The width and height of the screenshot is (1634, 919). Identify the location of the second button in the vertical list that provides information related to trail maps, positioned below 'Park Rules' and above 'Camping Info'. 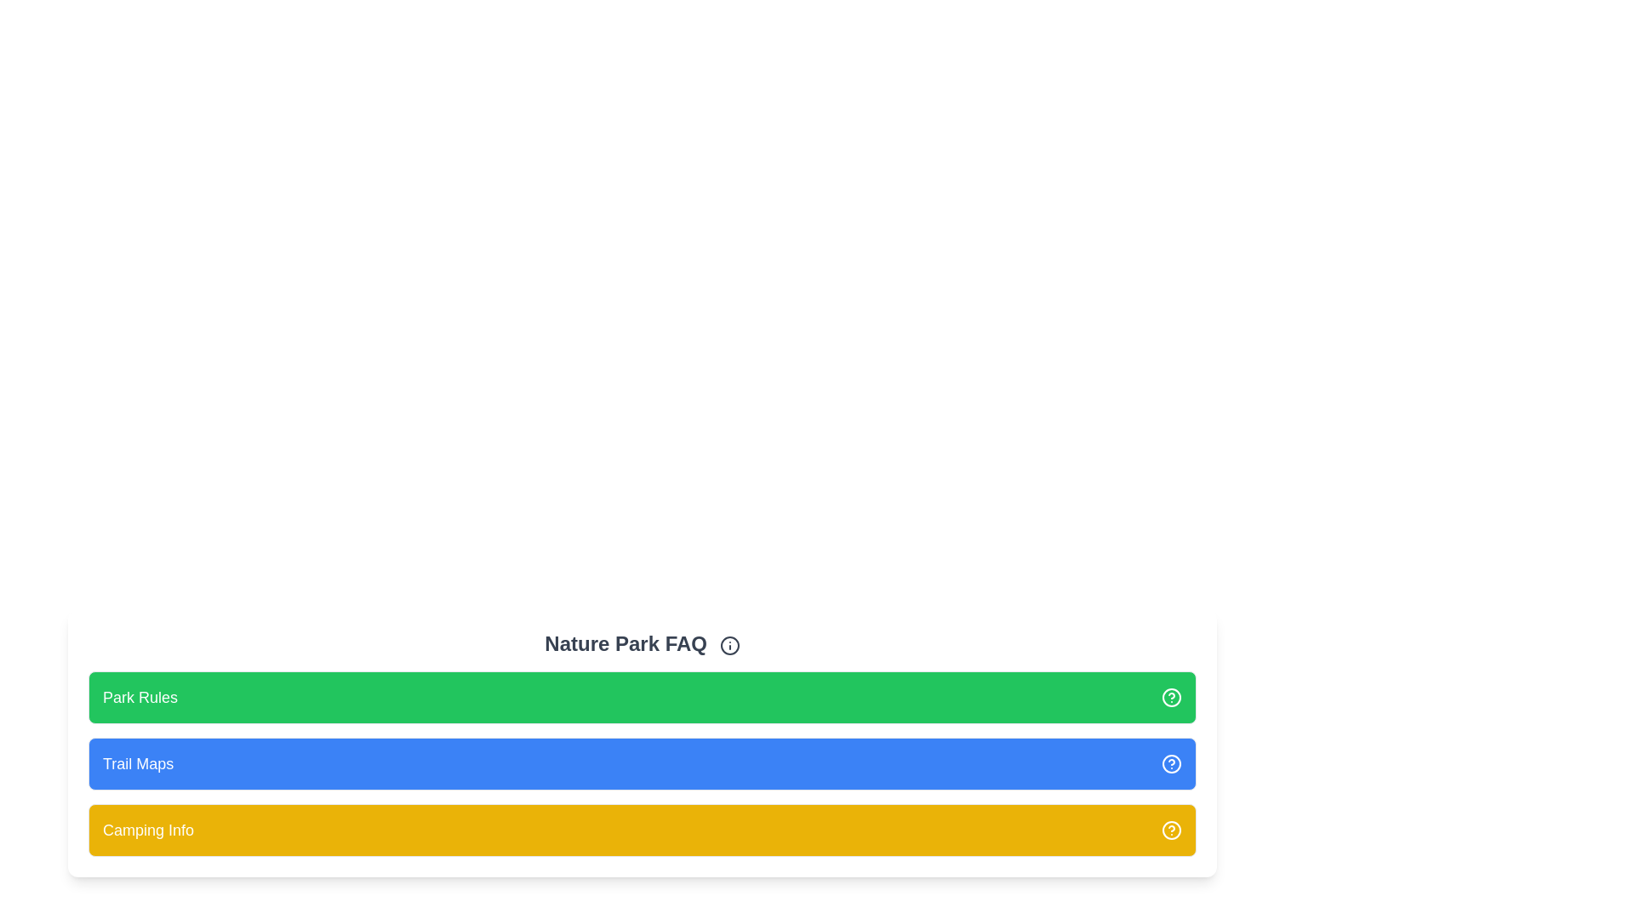
(641, 763).